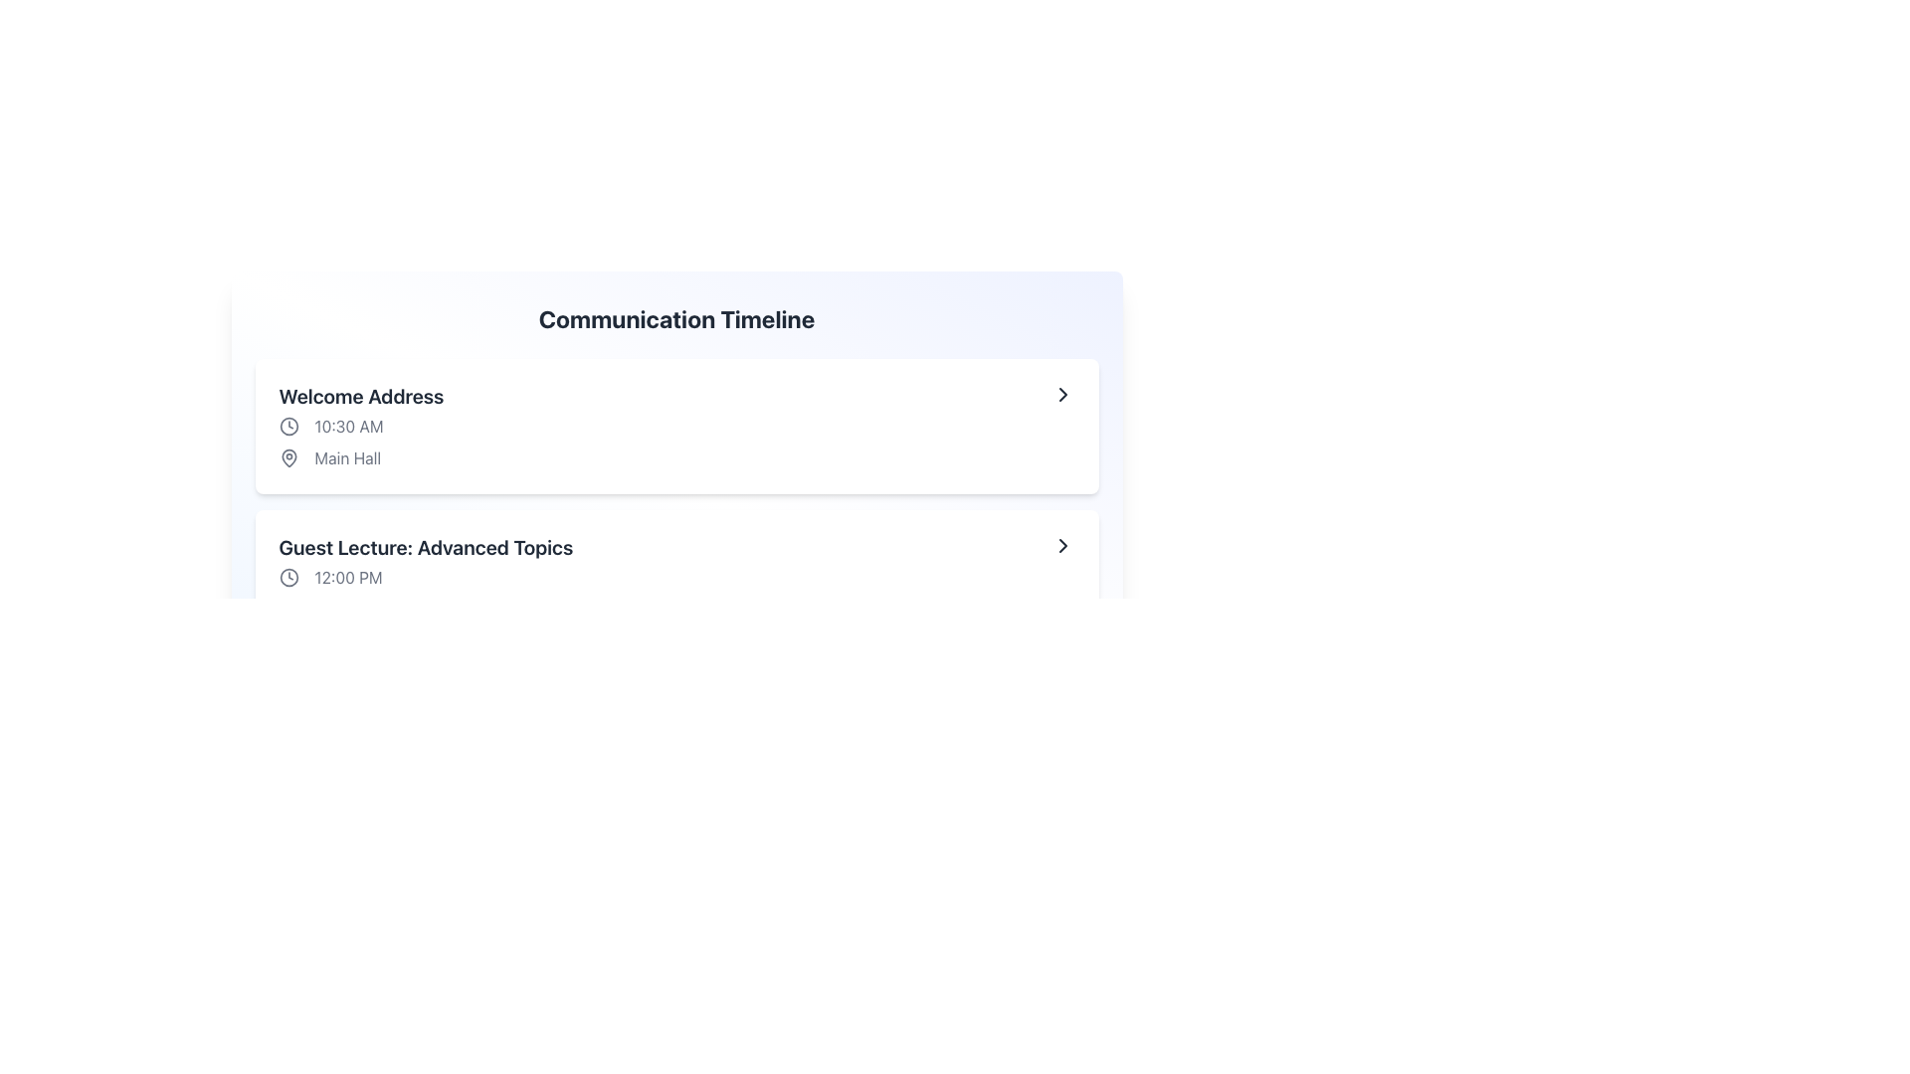 Image resolution: width=1910 pixels, height=1074 pixels. Describe the element at coordinates (1061, 545) in the screenshot. I see `the right-pointing chevron icon in the 'Communication Timeline' section for 'Guest Lecture: Advanced Topics'` at that location.